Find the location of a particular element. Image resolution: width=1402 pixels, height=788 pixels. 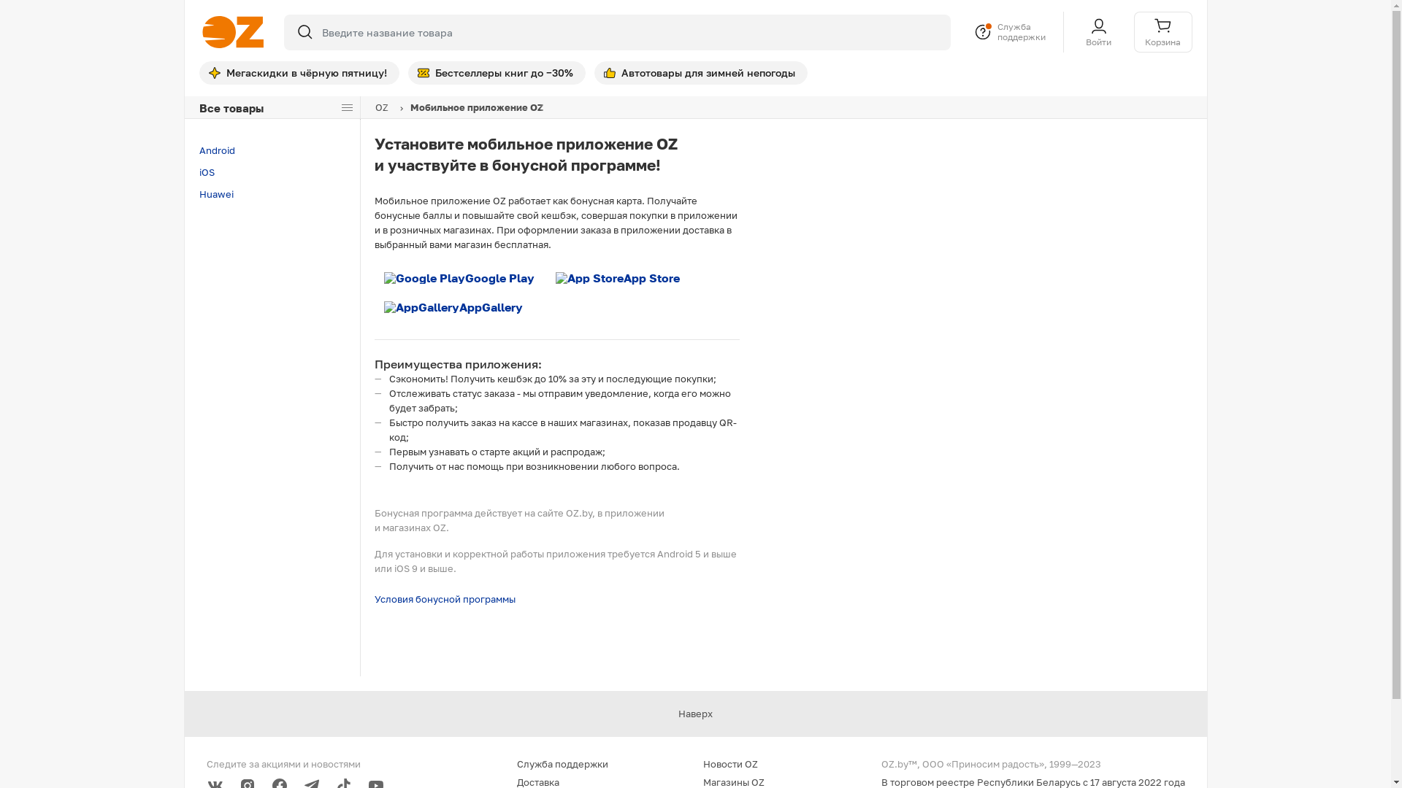

'Google Play' is located at coordinates (458, 278).